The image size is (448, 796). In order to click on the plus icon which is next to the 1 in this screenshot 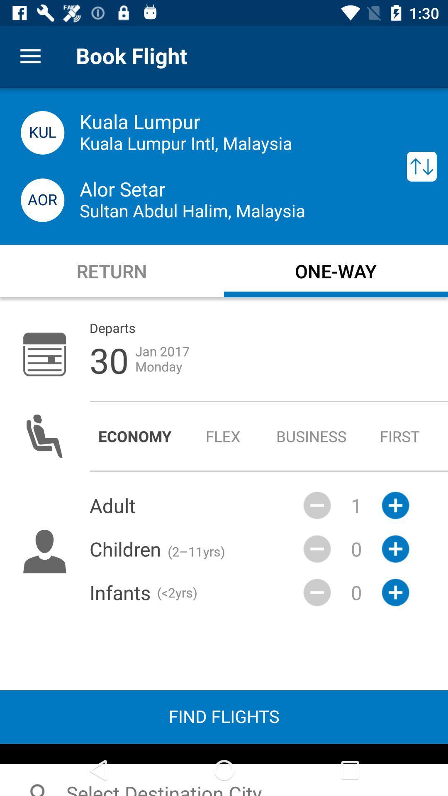, I will do `click(395, 505)`.